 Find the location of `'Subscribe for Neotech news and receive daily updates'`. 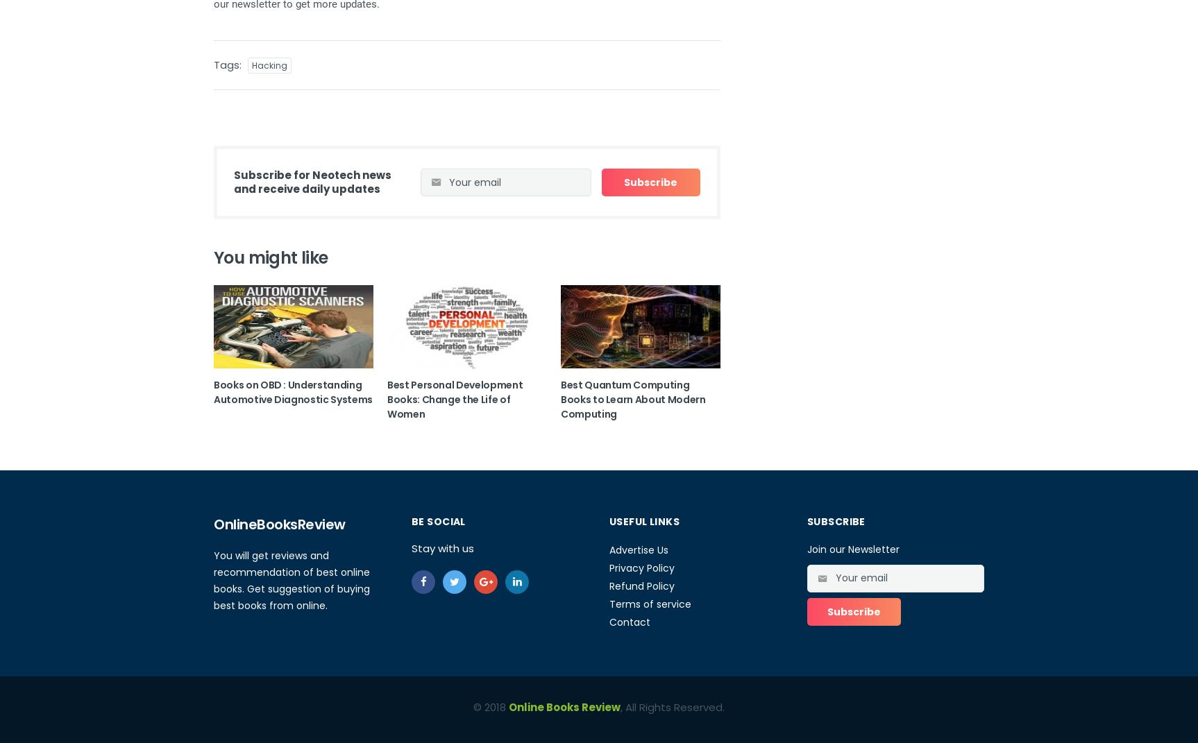

'Subscribe for Neotech news and receive daily updates' is located at coordinates (312, 181).